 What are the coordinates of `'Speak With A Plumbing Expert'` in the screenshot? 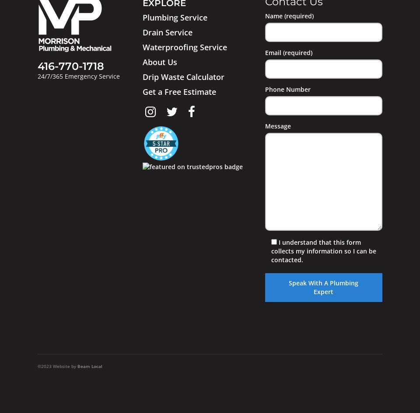 It's located at (288, 287).